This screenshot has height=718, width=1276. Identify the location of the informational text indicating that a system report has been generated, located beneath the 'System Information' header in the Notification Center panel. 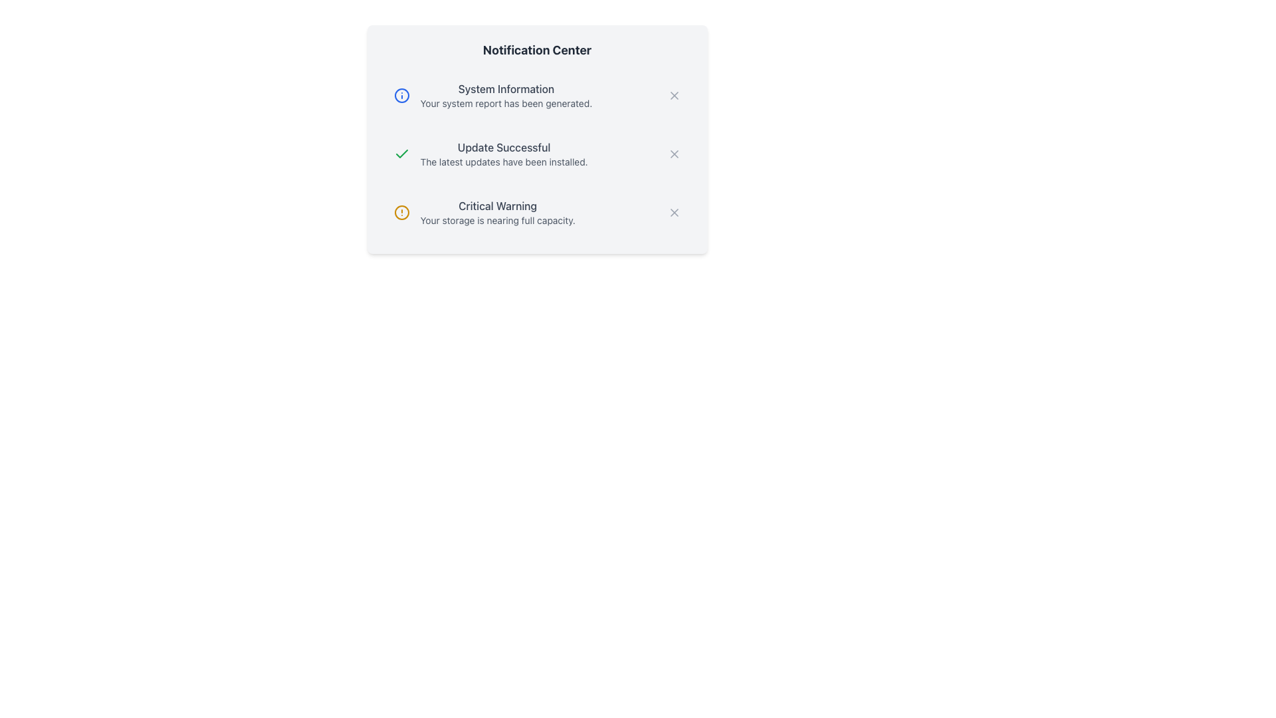
(505, 102).